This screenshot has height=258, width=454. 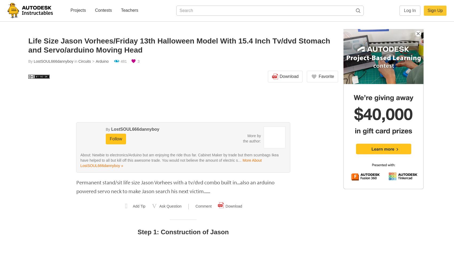 I want to click on 'Step 1: Construction of Jason', so click(x=183, y=232).